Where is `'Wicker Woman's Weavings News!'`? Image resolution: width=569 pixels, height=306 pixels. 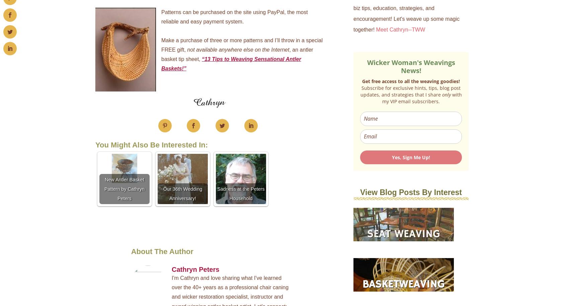 'Wicker Woman's Weavings News!' is located at coordinates (410, 66).